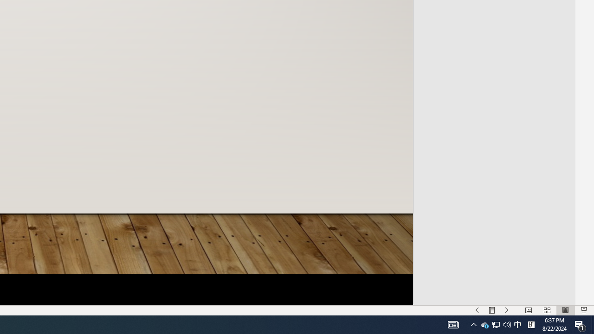 This screenshot has height=334, width=594. Describe the element at coordinates (506, 310) in the screenshot. I see `'Slide Show Next On'` at that location.